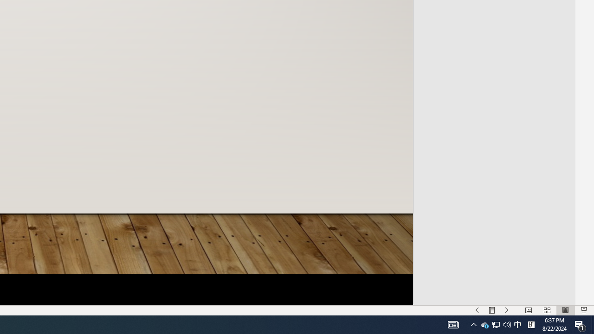 This screenshot has height=334, width=594. Describe the element at coordinates (506, 310) in the screenshot. I see `'Slide Show Next On'` at that location.